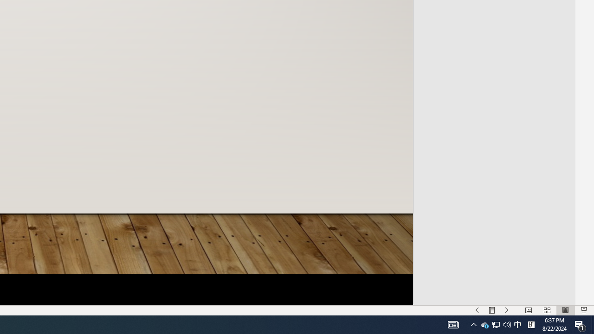 This screenshot has height=334, width=594. Describe the element at coordinates (506, 310) in the screenshot. I see `'Slide Show Next On'` at that location.